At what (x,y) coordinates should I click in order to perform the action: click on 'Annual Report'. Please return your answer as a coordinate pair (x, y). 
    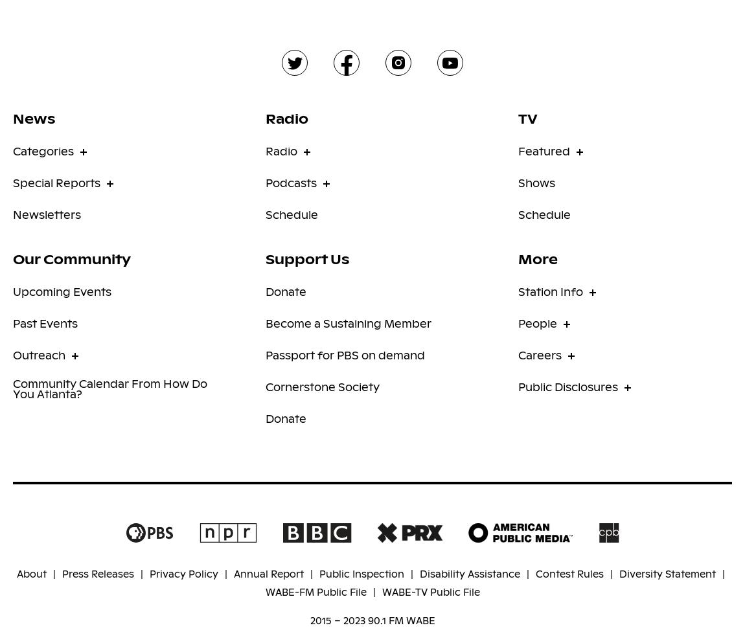
    Looking at the image, I should click on (268, 573).